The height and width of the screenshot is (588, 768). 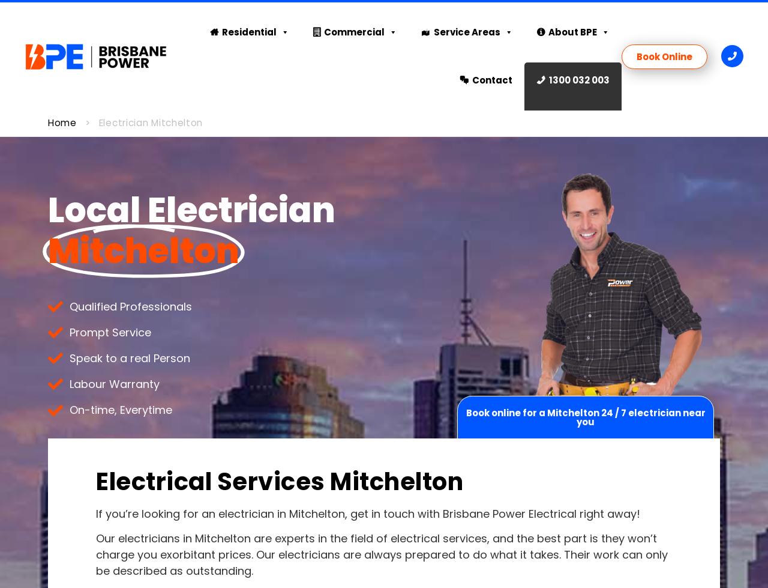 What do you see at coordinates (68, 305) in the screenshot?
I see `'Qualified Professionals'` at bounding box center [68, 305].